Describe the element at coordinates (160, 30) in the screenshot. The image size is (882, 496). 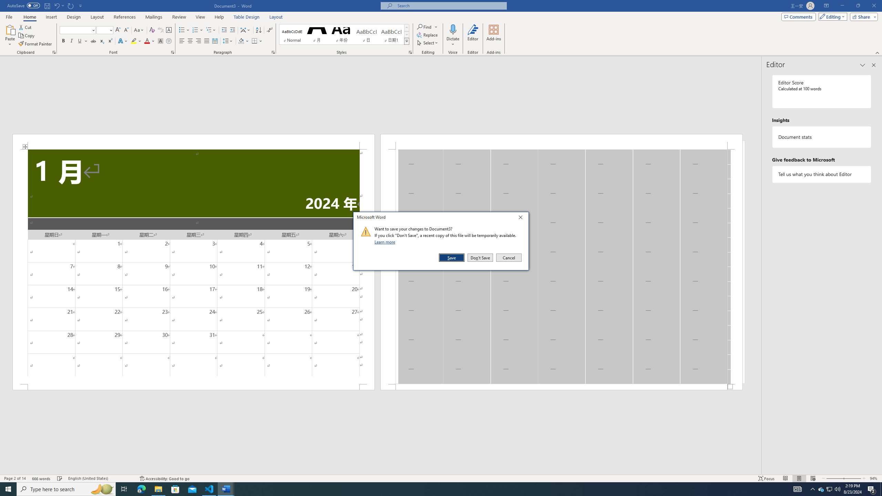
I see `'Phonetic Guide...'` at that location.